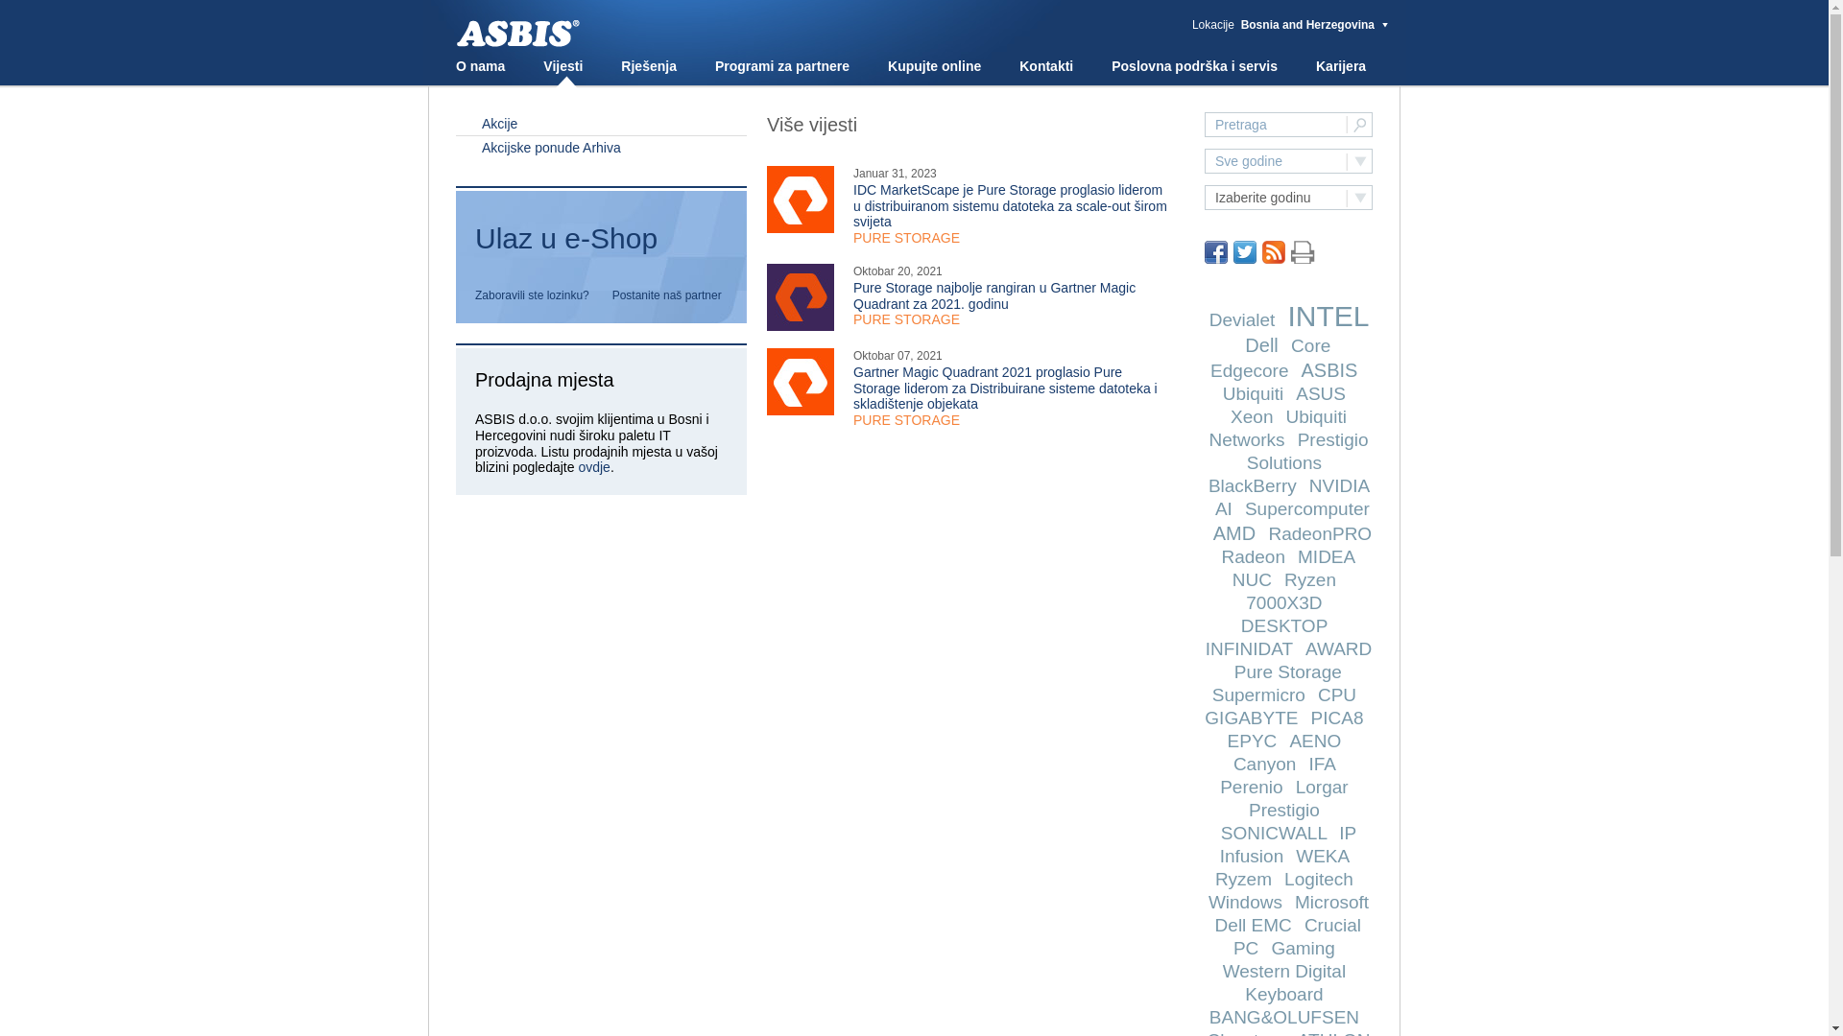  What do you see at coordinates (1318, 533) in the screenshot?
I see `'RadeonPRO'` at bounding box center [1318, 533].